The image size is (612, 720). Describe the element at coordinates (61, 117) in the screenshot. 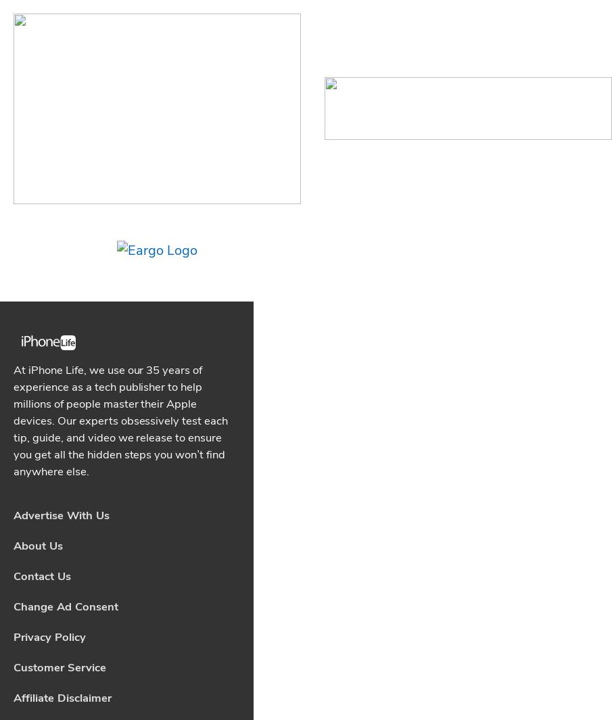

I see `'Advertise With Us'` at that location.